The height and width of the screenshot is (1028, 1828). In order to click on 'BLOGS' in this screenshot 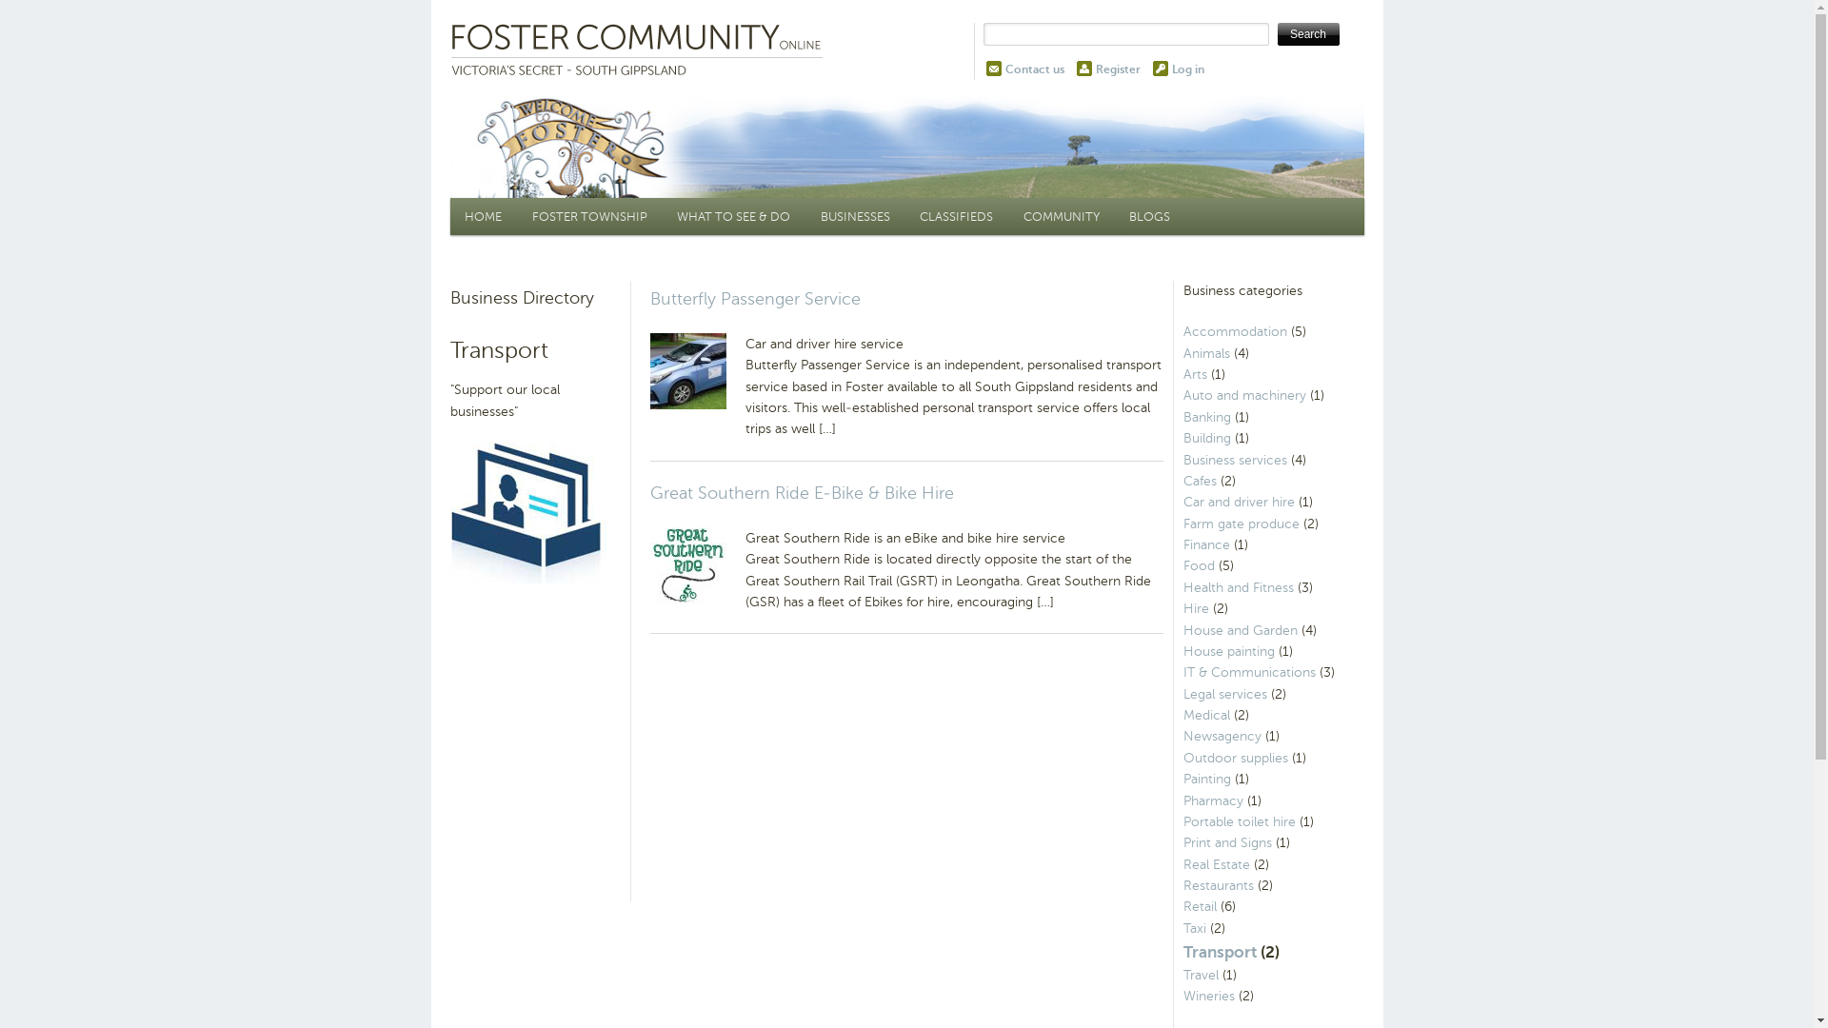, I will do `click(1148, 215)`.